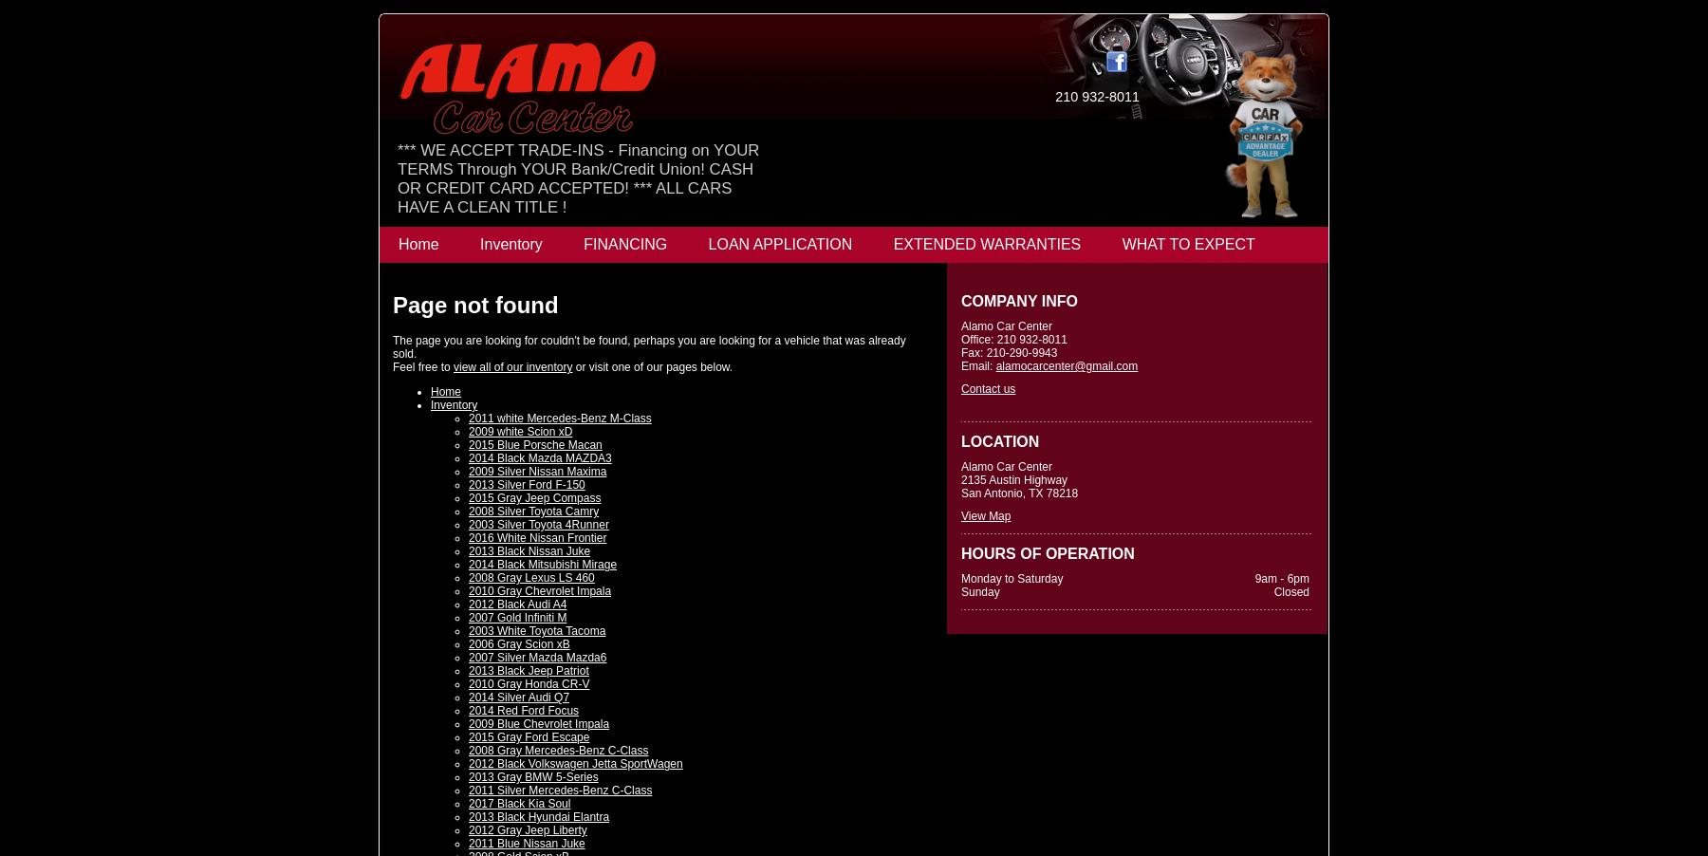 This screenshot has height=856, width=1708. What do you see at coordinates (539, 723) in the screenshot?
I see `'2009 Blue Chevrolet Impala'` at bounding box center [539, 723].